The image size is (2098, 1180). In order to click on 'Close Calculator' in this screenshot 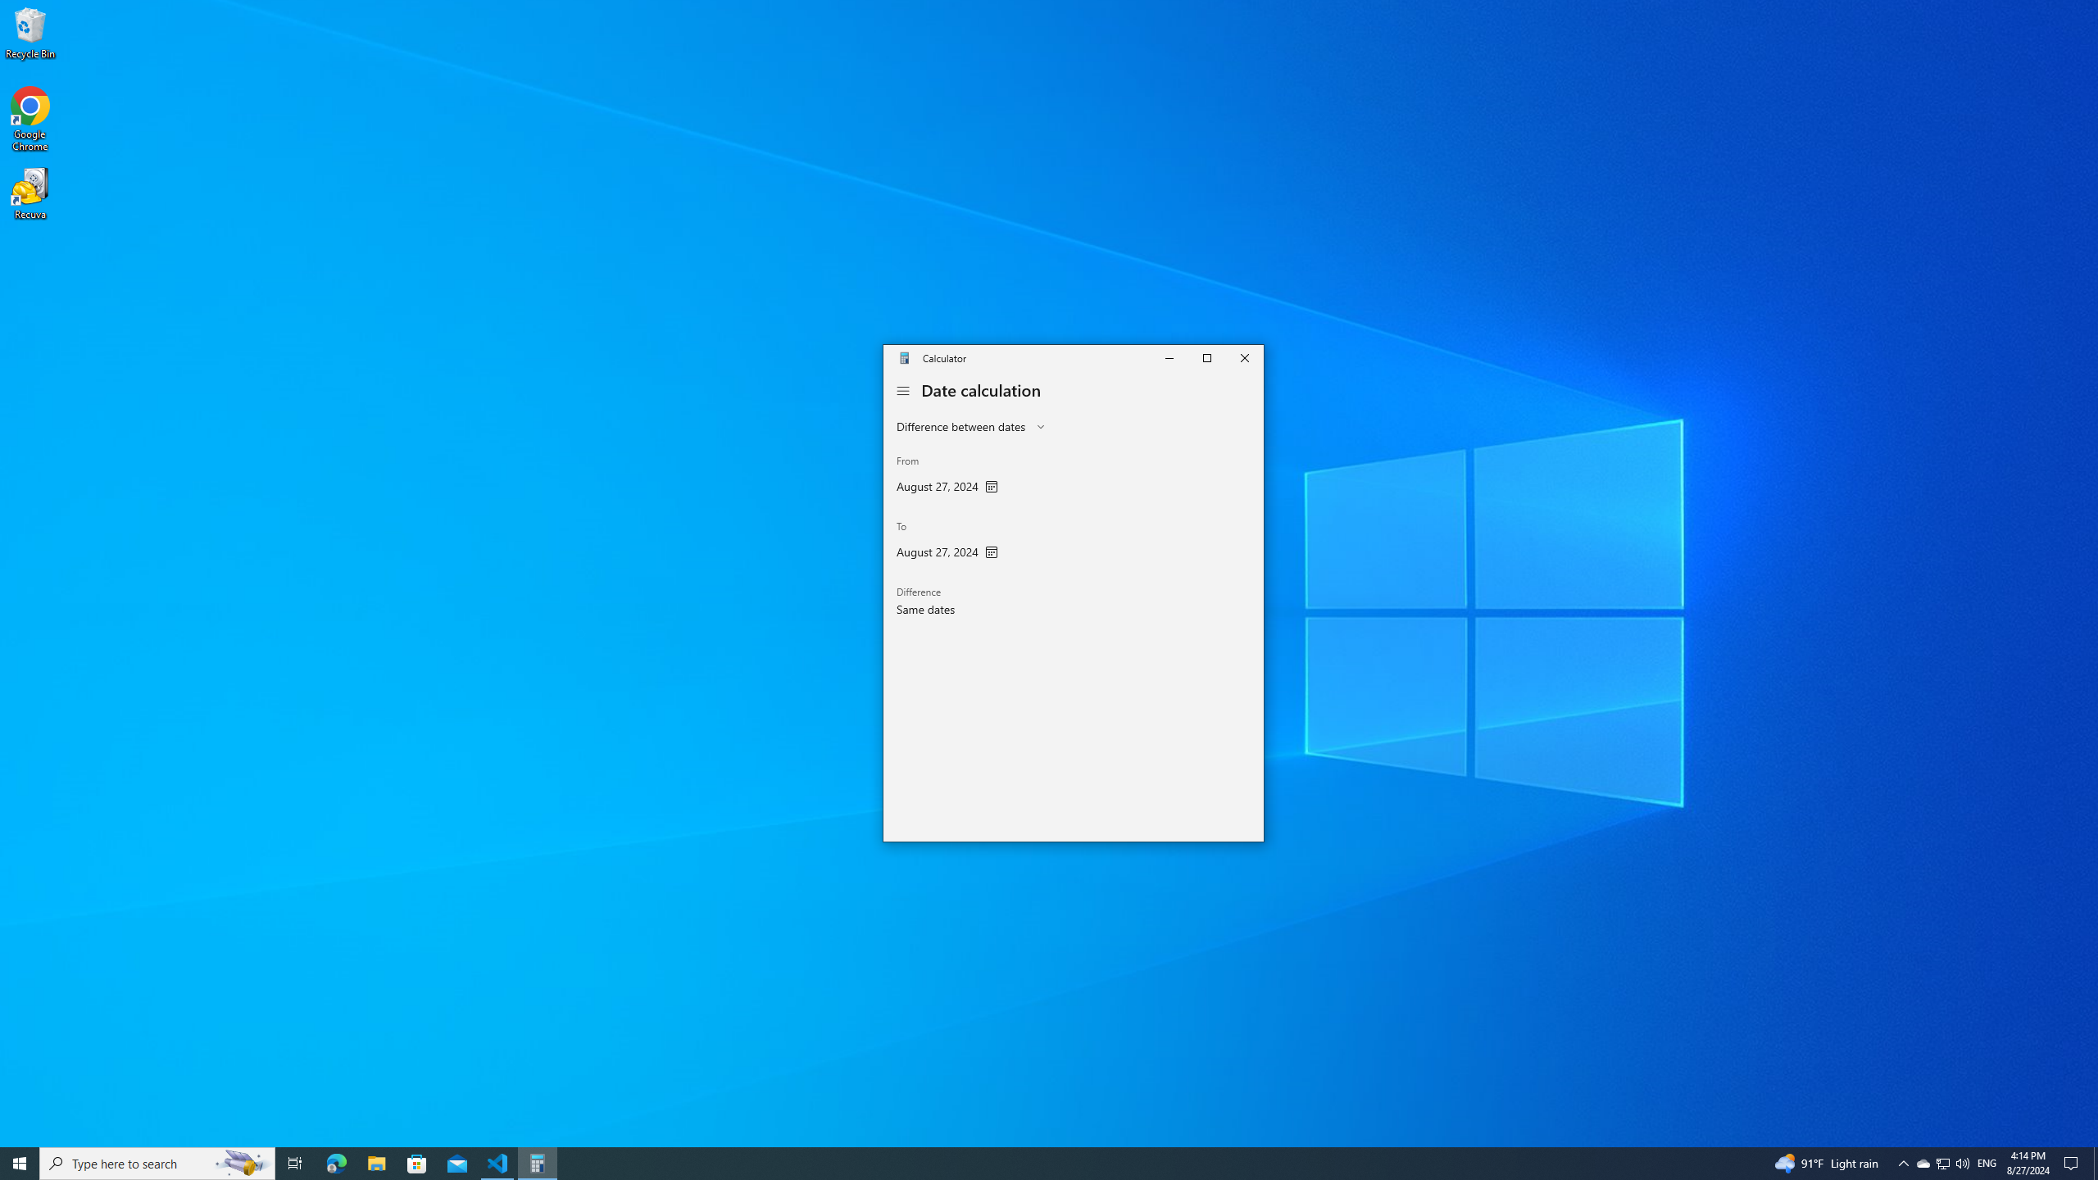, I will do `click(1243, 357)`.